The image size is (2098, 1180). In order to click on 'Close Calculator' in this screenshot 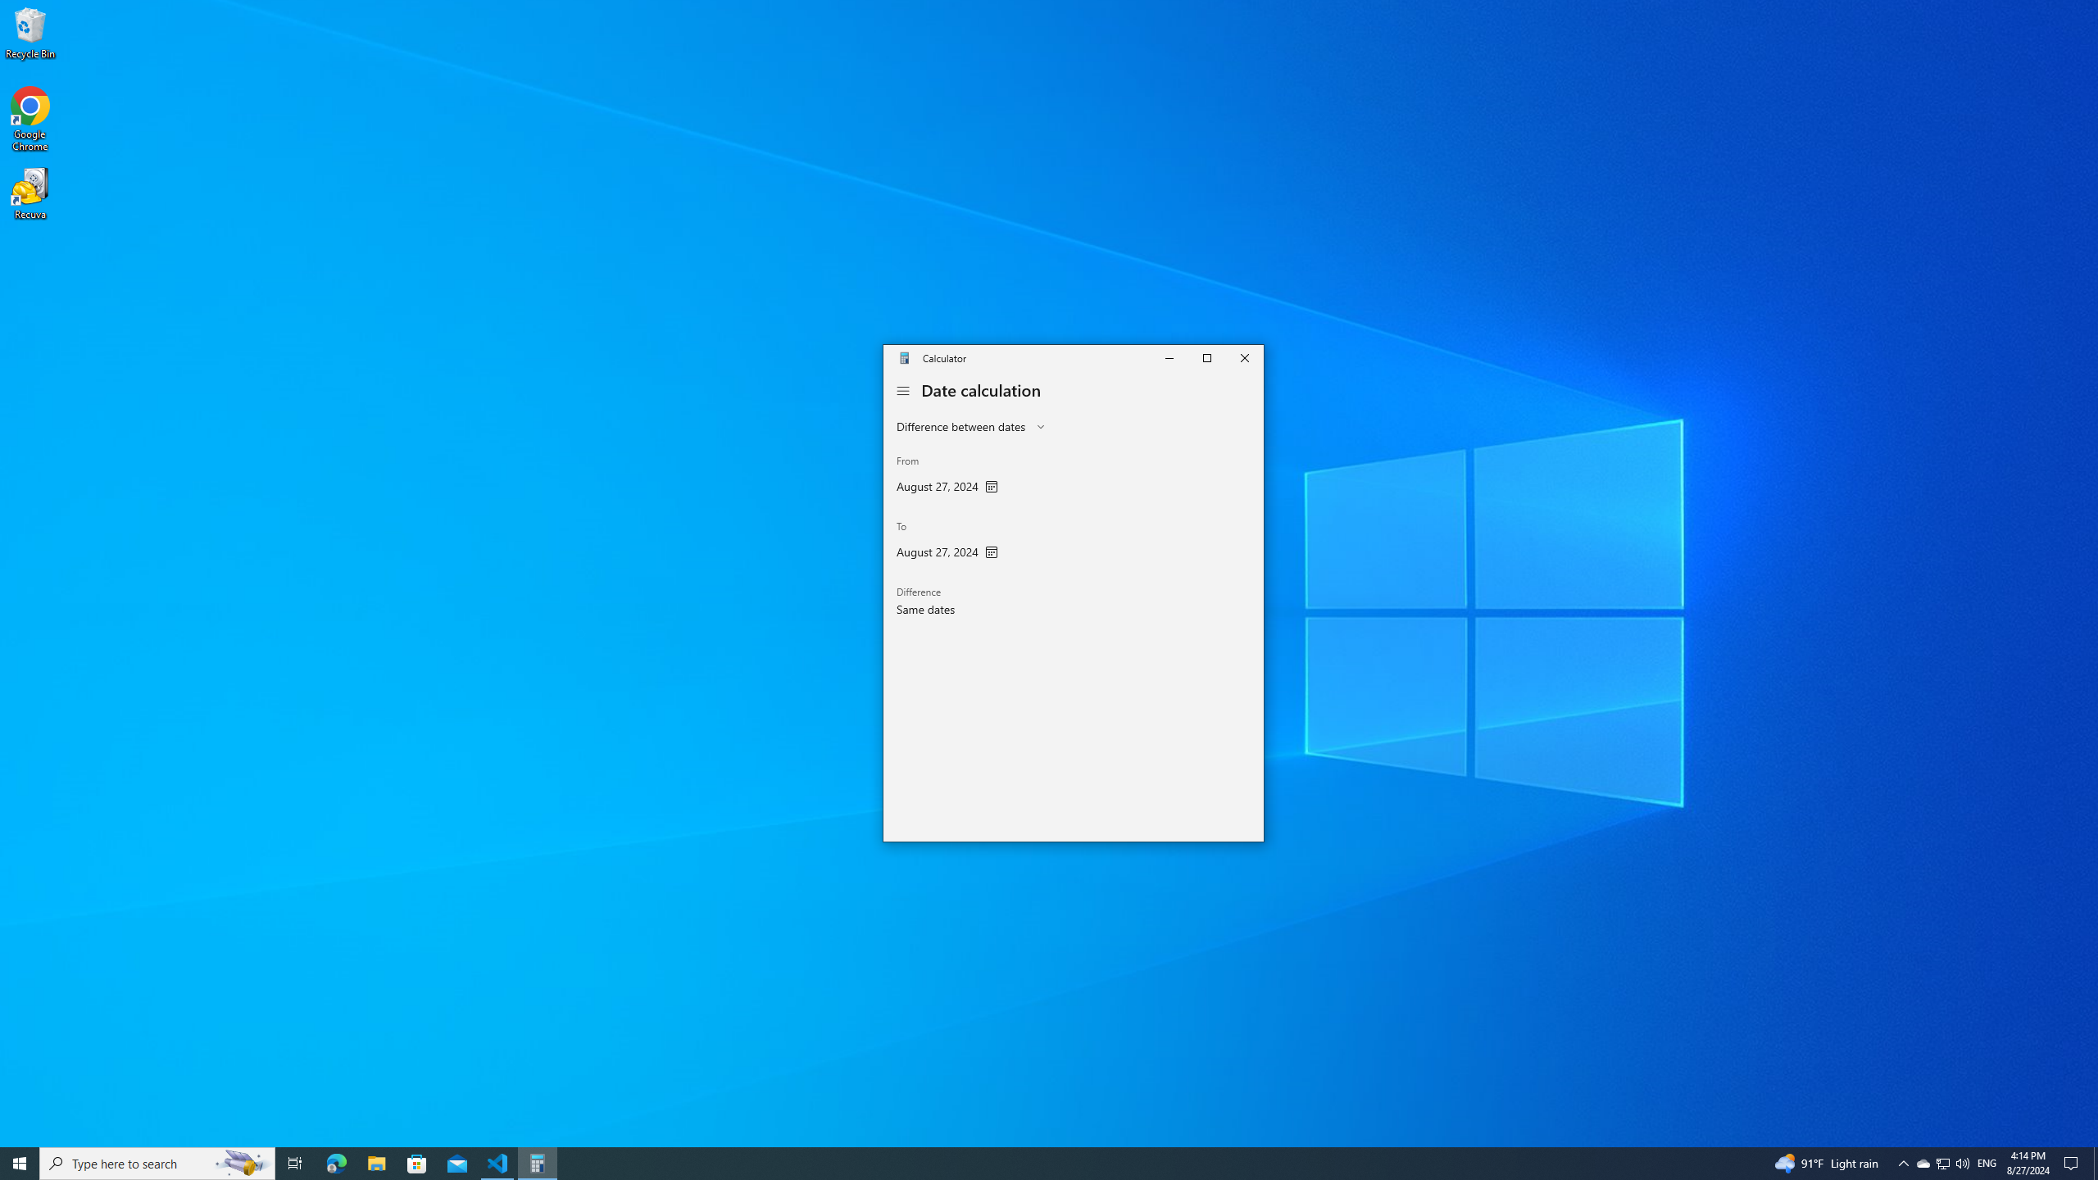, I will do `click(1243, 357)`.